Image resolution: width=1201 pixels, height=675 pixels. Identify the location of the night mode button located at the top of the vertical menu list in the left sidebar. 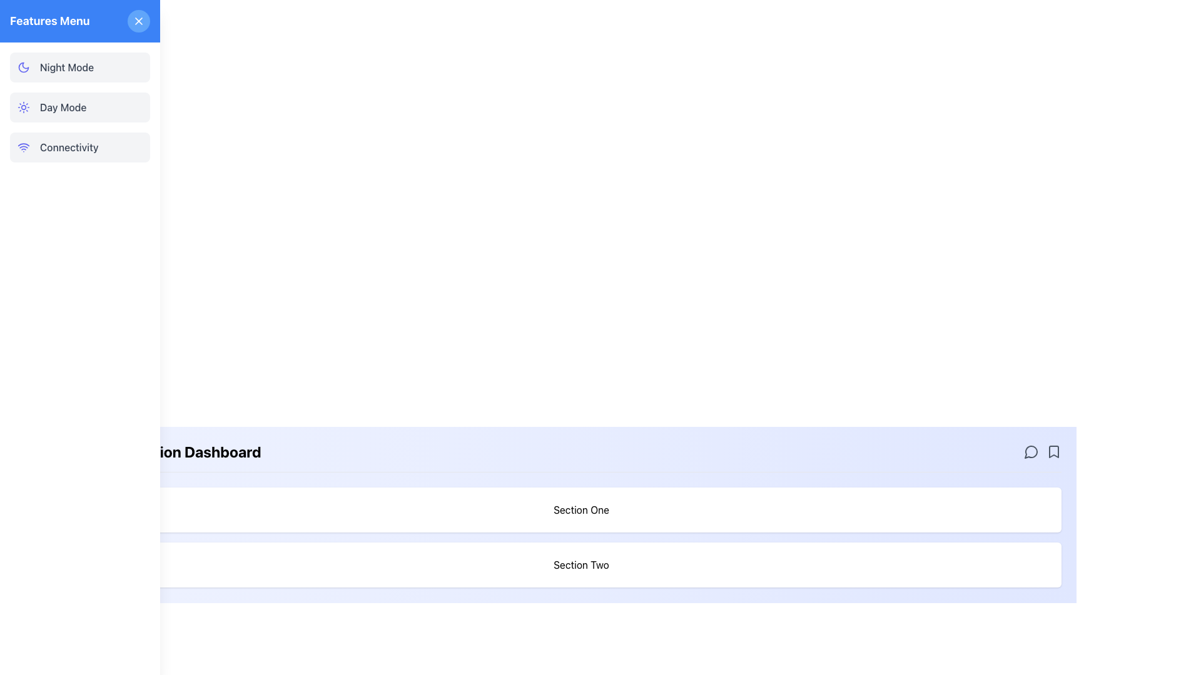
(79, 67).